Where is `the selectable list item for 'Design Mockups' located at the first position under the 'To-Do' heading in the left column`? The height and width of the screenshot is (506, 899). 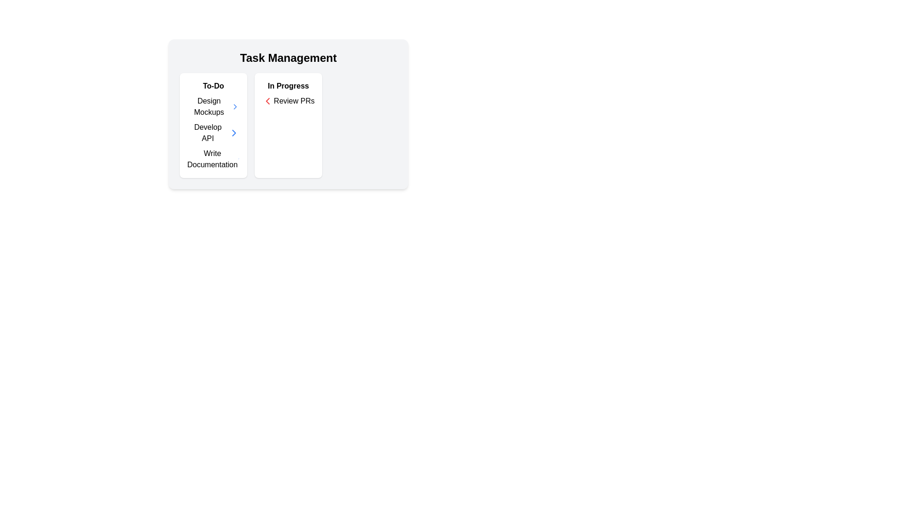
the selectable list item for 'Design Mockups' located at the first position under the 'To-Do' heading in the left column is located at coordinates (213, 106).